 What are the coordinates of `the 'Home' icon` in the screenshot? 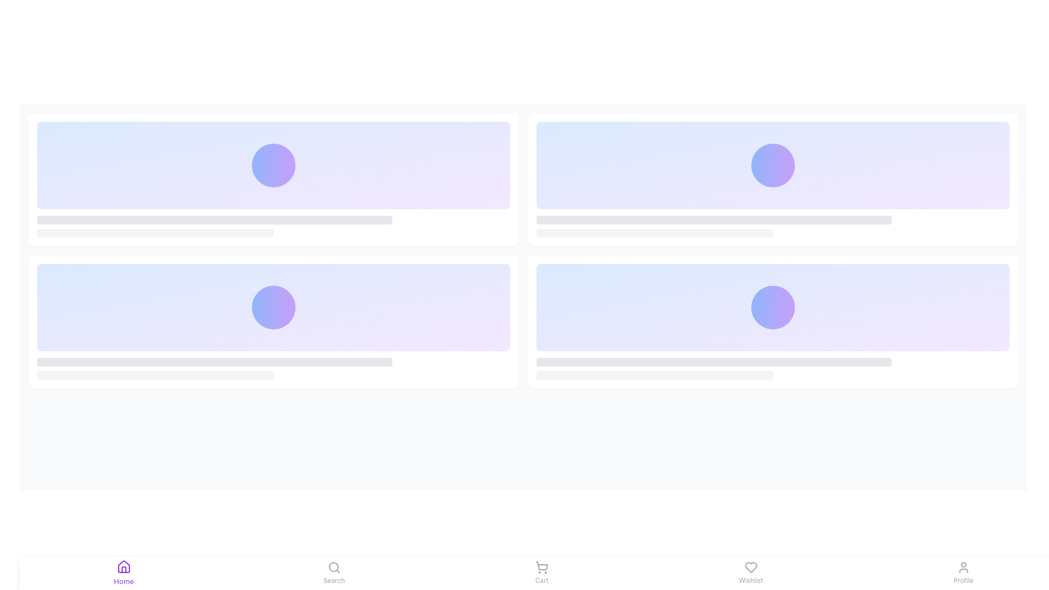 It's located at (123, 565).